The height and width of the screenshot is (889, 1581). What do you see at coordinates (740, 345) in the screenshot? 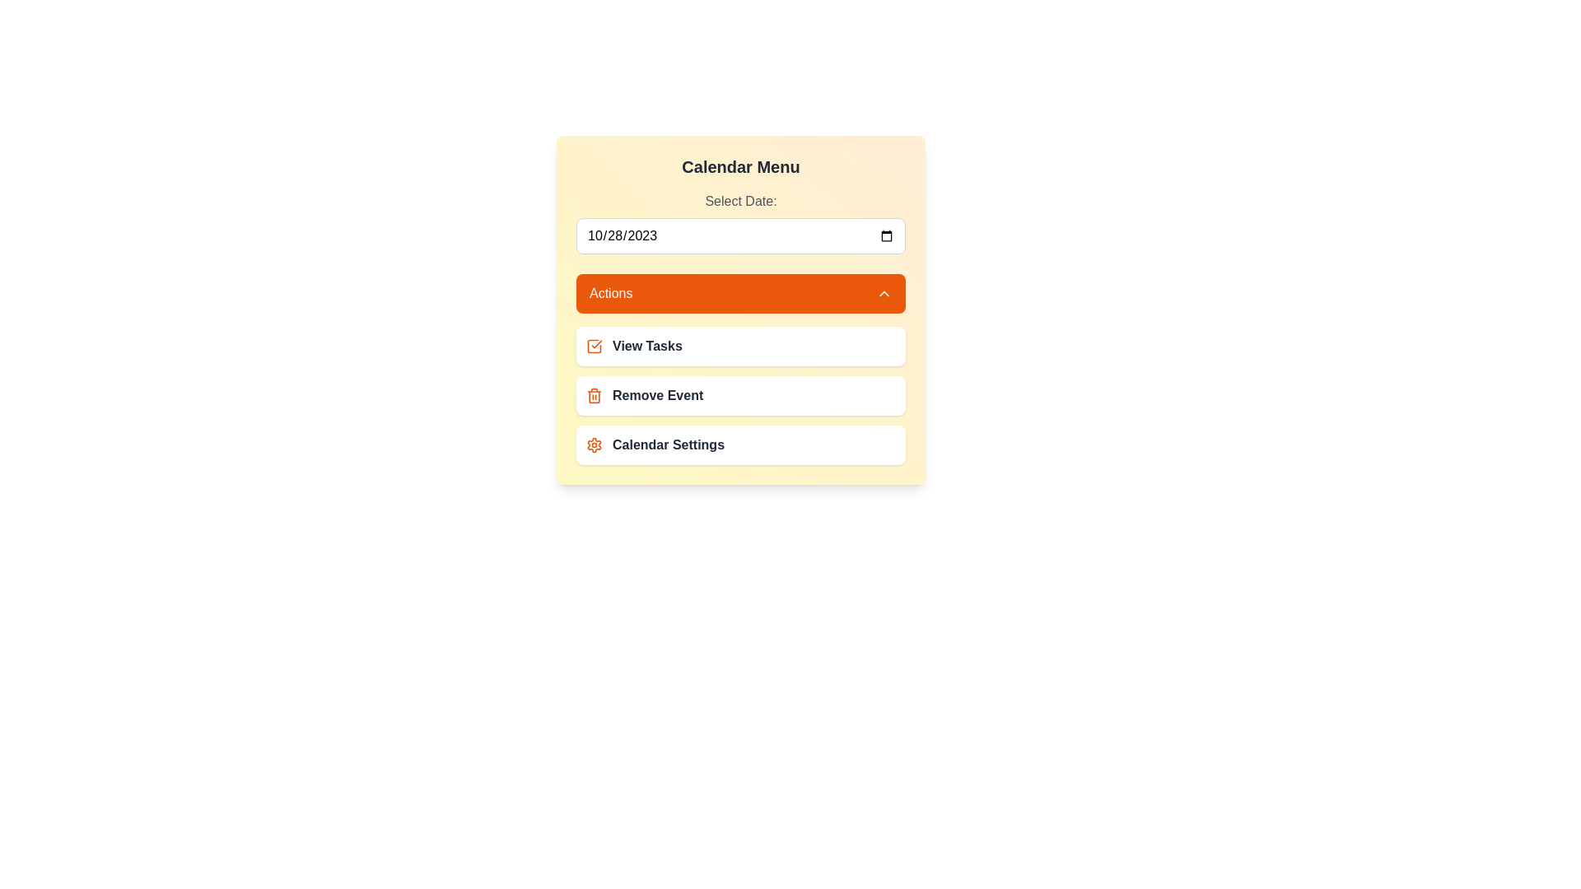
I see `the action 'View Tasks' from the menu` at bounding box center [740, 345].